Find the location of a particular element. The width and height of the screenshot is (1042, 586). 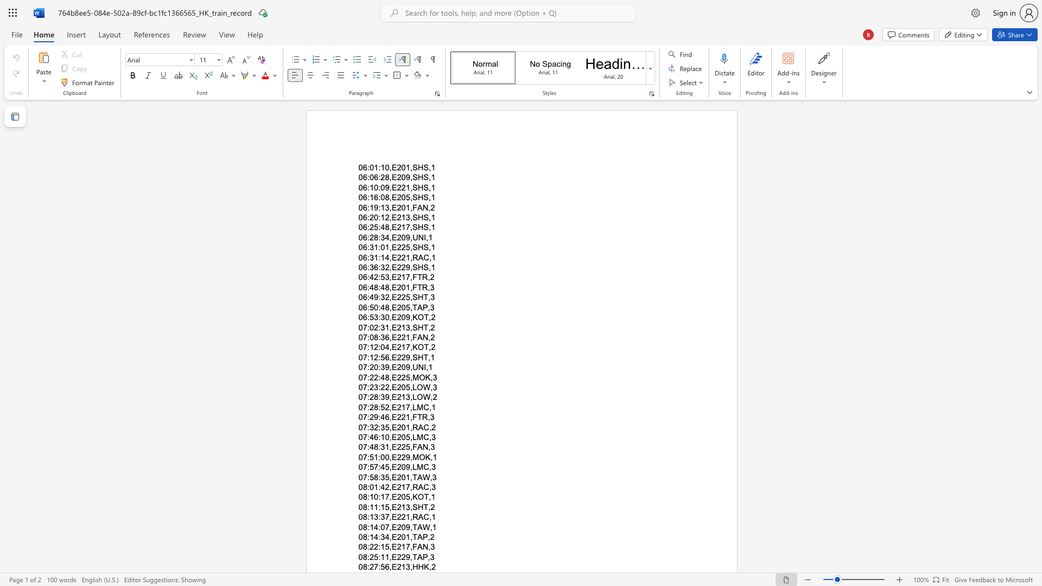

the space between the continuous character "7" and ":" in the text is located at coordinates (366, 367).